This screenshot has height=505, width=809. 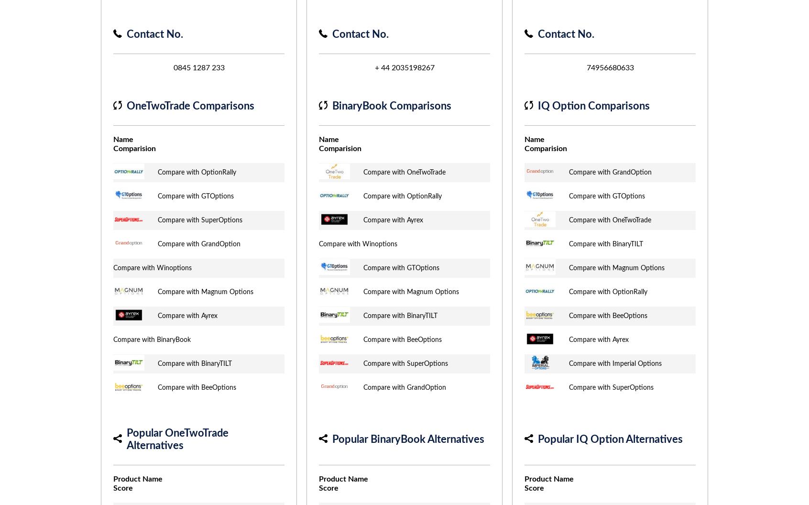 I want to click on '+ 44 2035198267', so click(x=404, y=68).